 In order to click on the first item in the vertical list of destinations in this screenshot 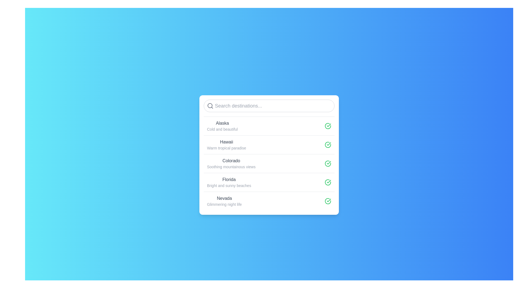, I will do `click(269, 126)`.